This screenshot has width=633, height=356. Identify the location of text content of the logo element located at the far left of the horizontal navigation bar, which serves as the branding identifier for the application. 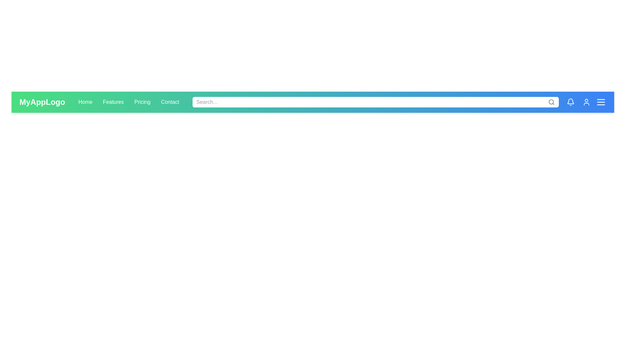
(42, 102).